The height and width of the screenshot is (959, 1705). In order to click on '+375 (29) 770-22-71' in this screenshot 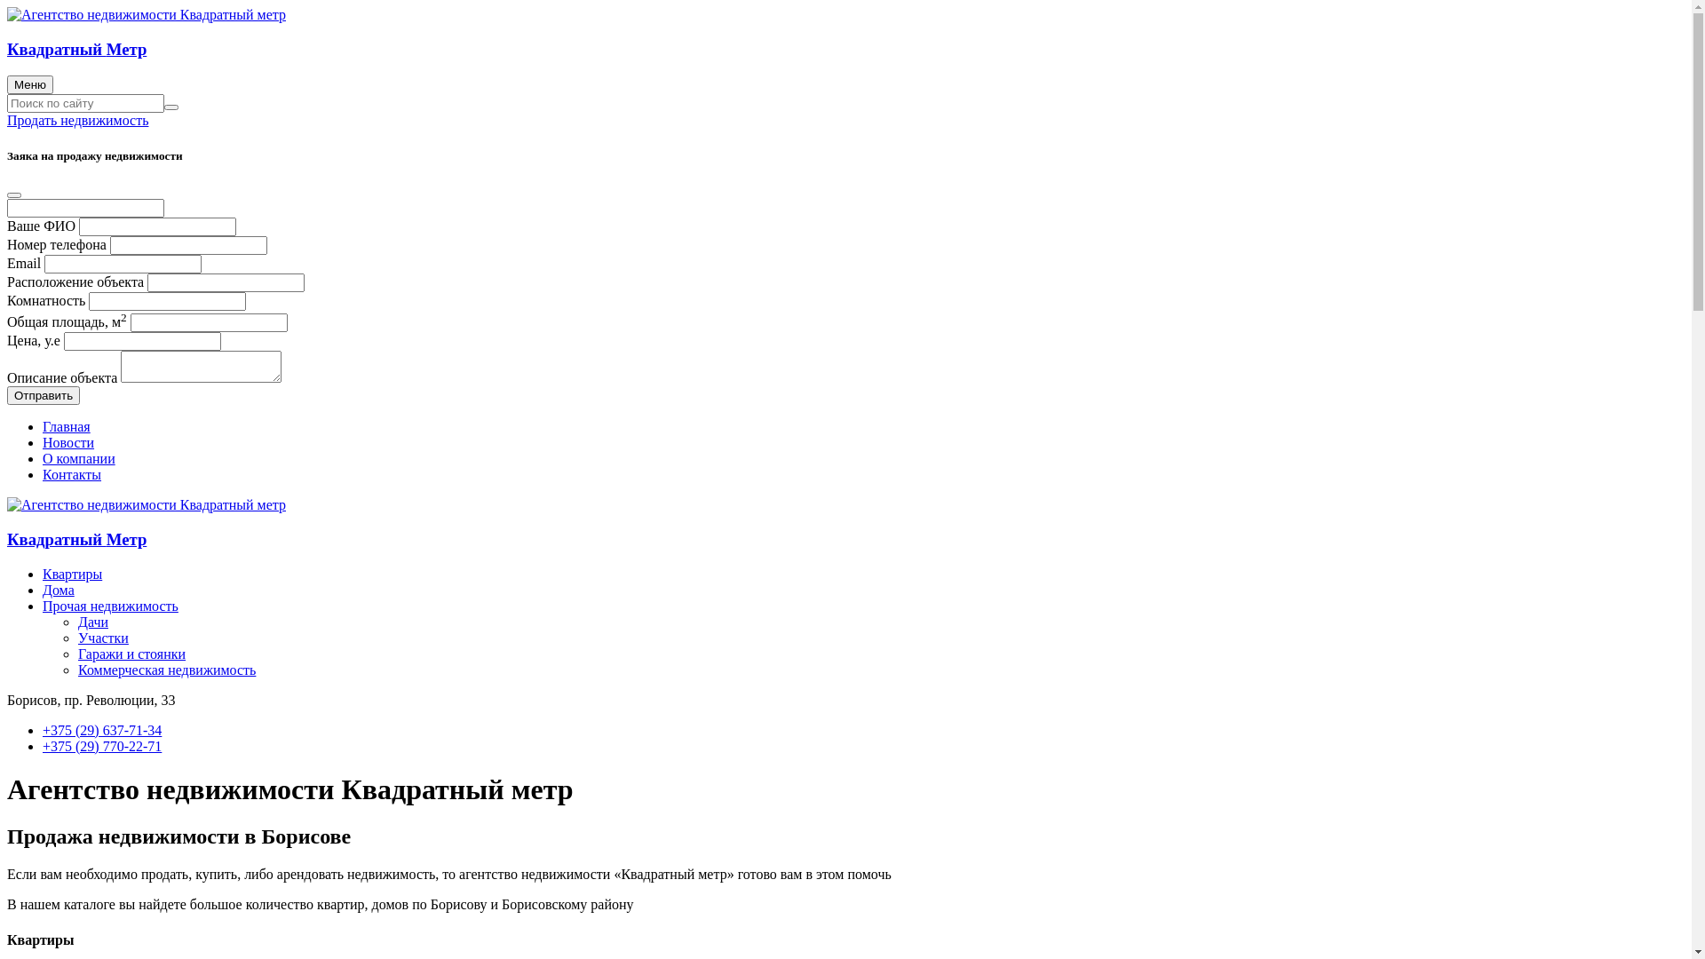, I will do `click(101, 746)`.